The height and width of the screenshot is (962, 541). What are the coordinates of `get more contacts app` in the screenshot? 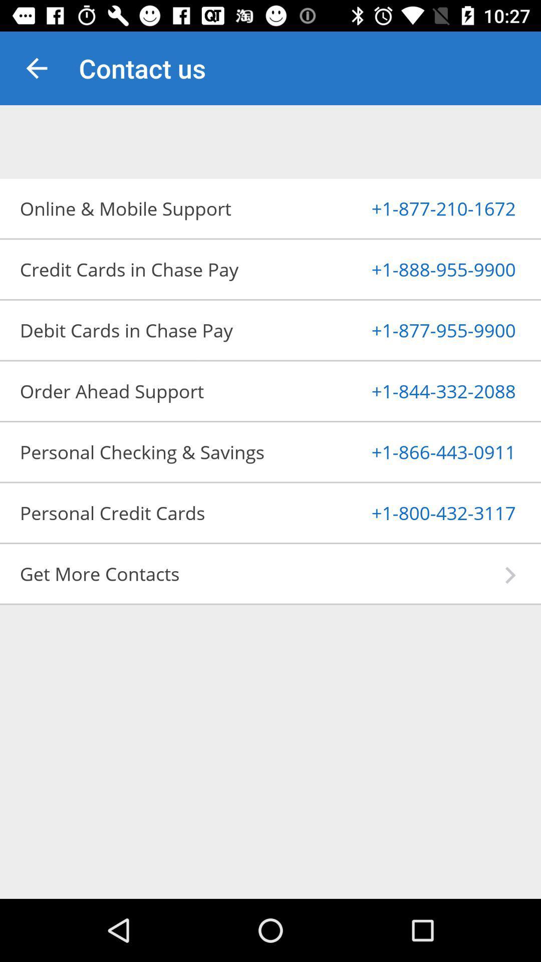 It's located at (262, 574).